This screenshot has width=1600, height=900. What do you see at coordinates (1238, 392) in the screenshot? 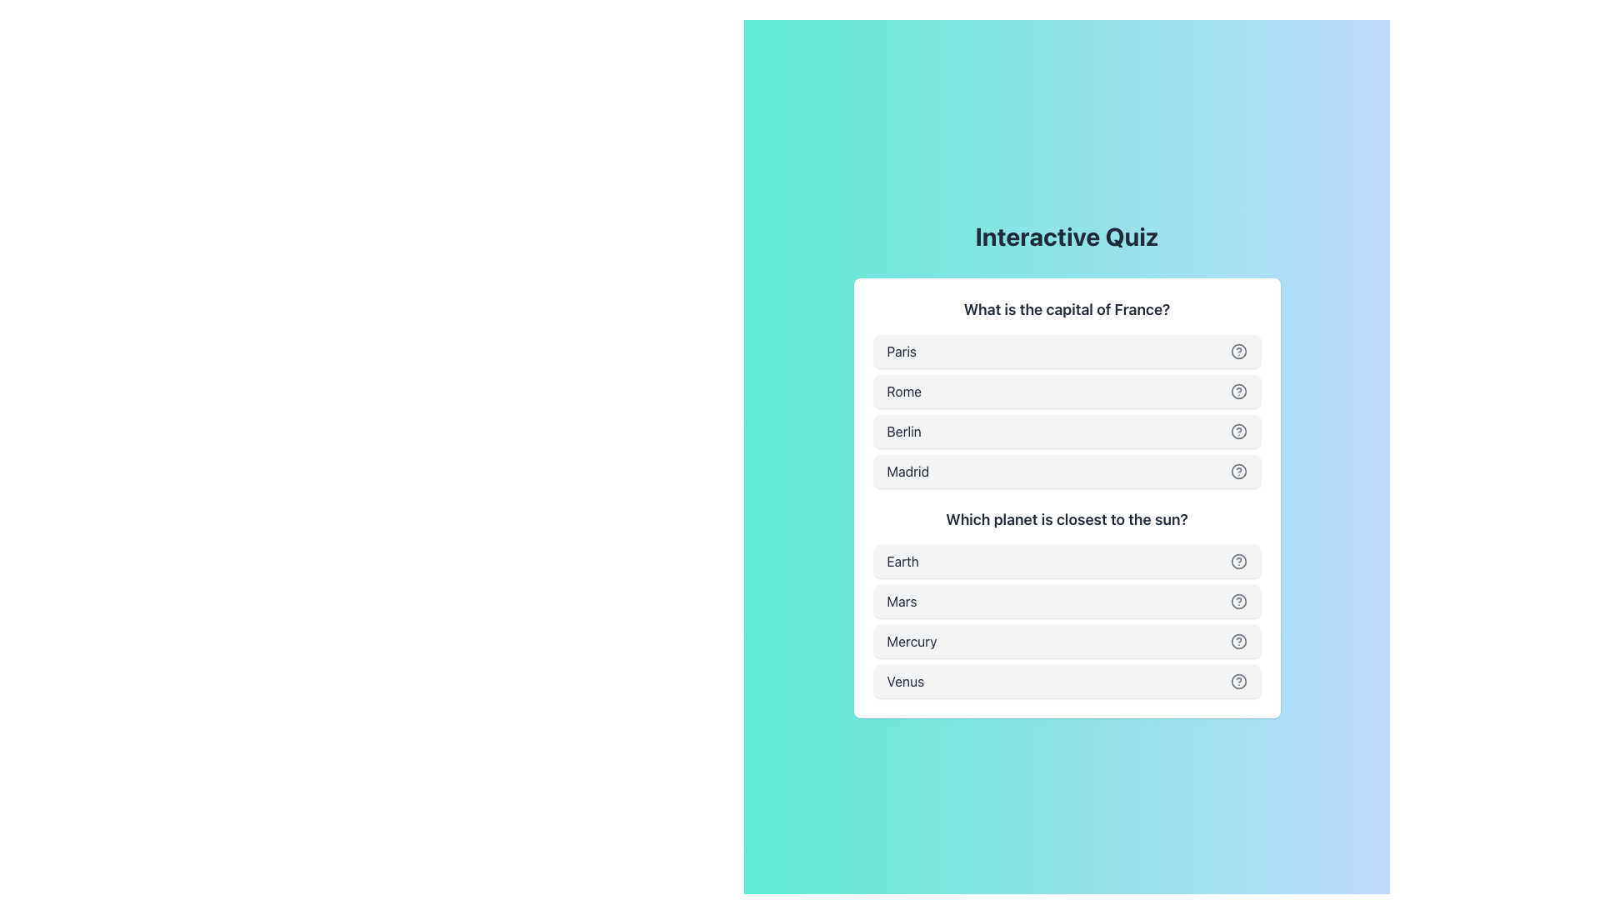
I see `the circular icon with a gray border and a question mark symbol located to the right of the text 'Rome' in the quiz answer options` at bounding box center [1238, 392].